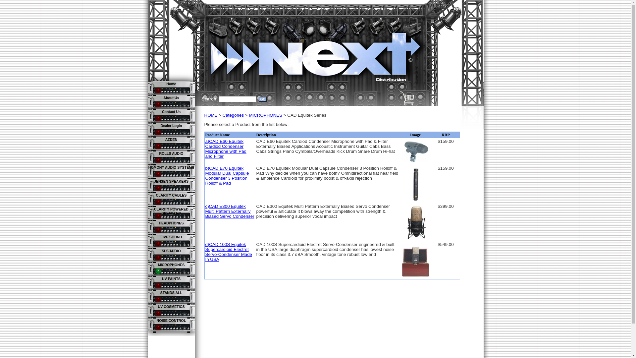 The image size is (636, 358). What do you see at coordinates (210, 115) in the screenshot?
I see `'HOME'` at bounding box center [210, 115].